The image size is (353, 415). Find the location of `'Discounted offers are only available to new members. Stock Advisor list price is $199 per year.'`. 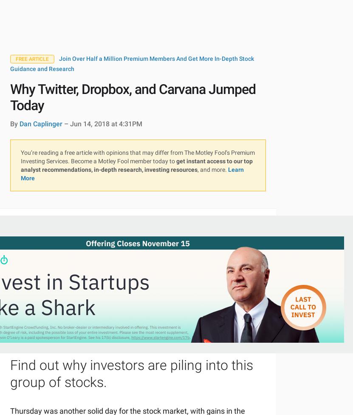

'Discounted offers are only available to new members. Stock Advisor list price is $199 per year.' is located at coordinates (106, 256).